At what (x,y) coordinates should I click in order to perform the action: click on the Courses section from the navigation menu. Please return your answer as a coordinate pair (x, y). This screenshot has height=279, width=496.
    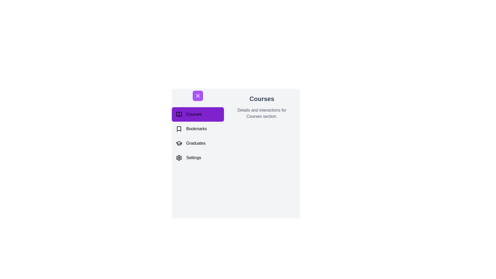
    Looking at the image, I should click on (197, 114).